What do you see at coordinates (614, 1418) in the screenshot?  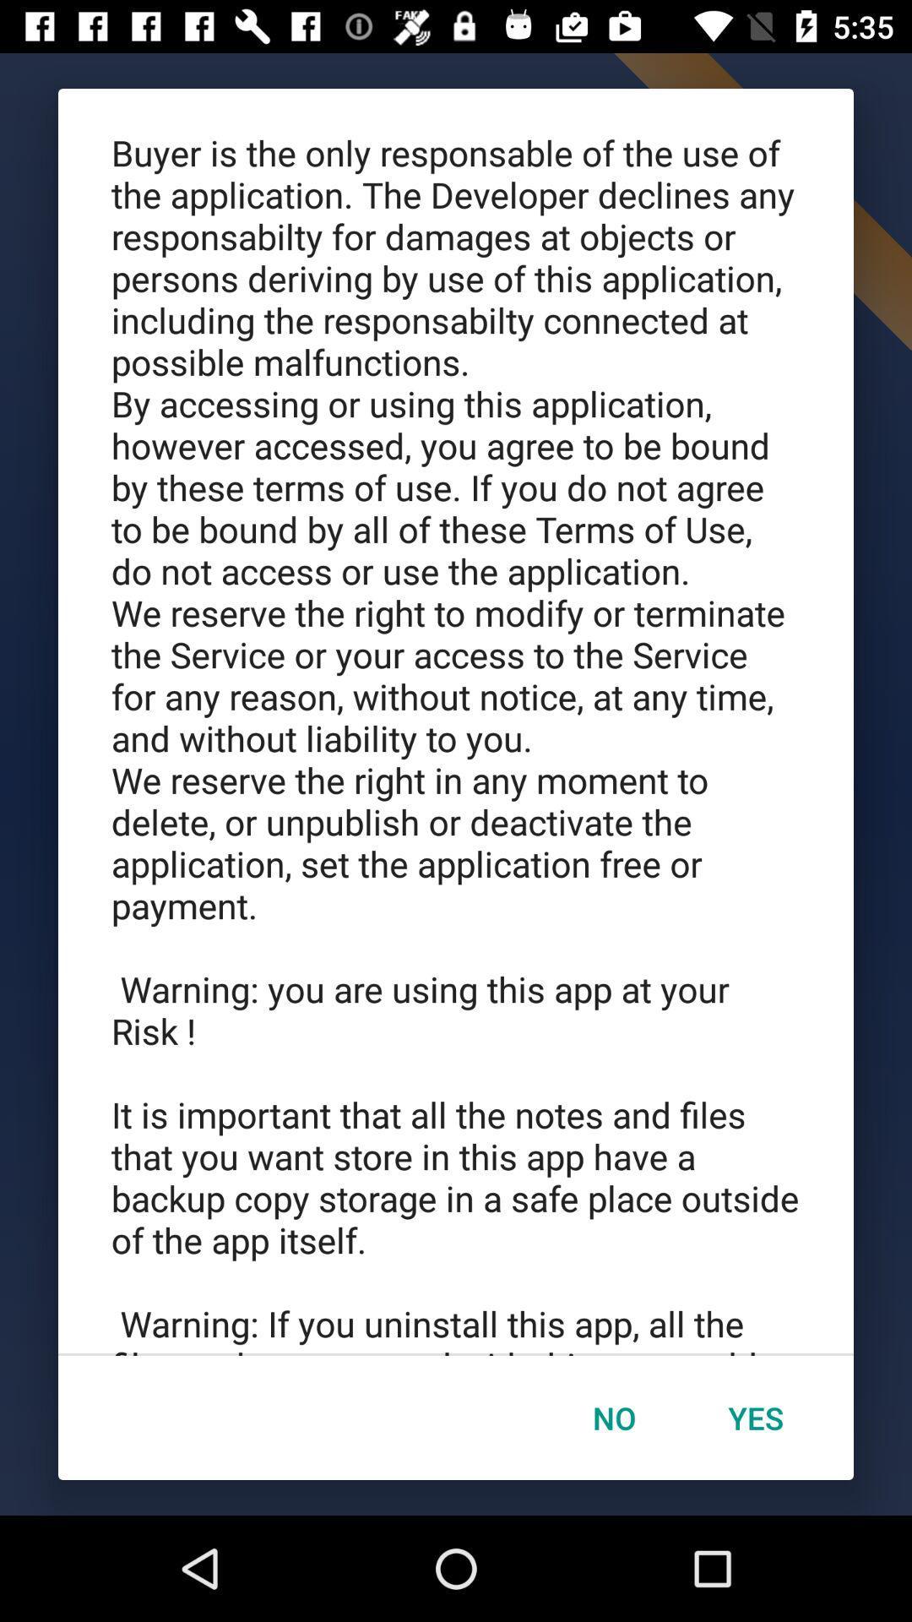 I see `no icon` at bounding box center [614, 1418].